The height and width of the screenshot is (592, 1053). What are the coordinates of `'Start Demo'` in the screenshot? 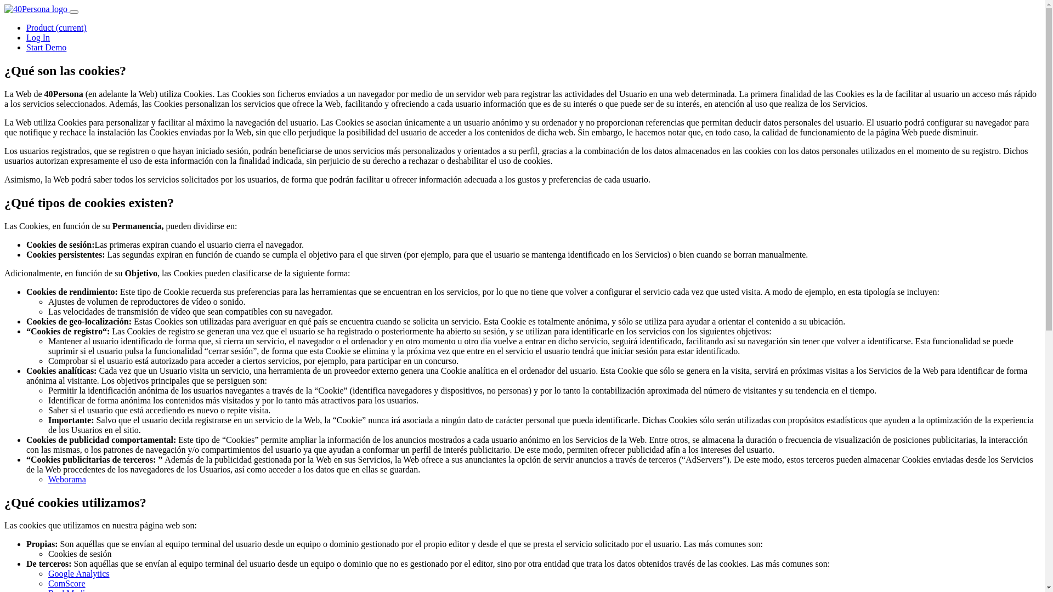 It's located at (46, 47).